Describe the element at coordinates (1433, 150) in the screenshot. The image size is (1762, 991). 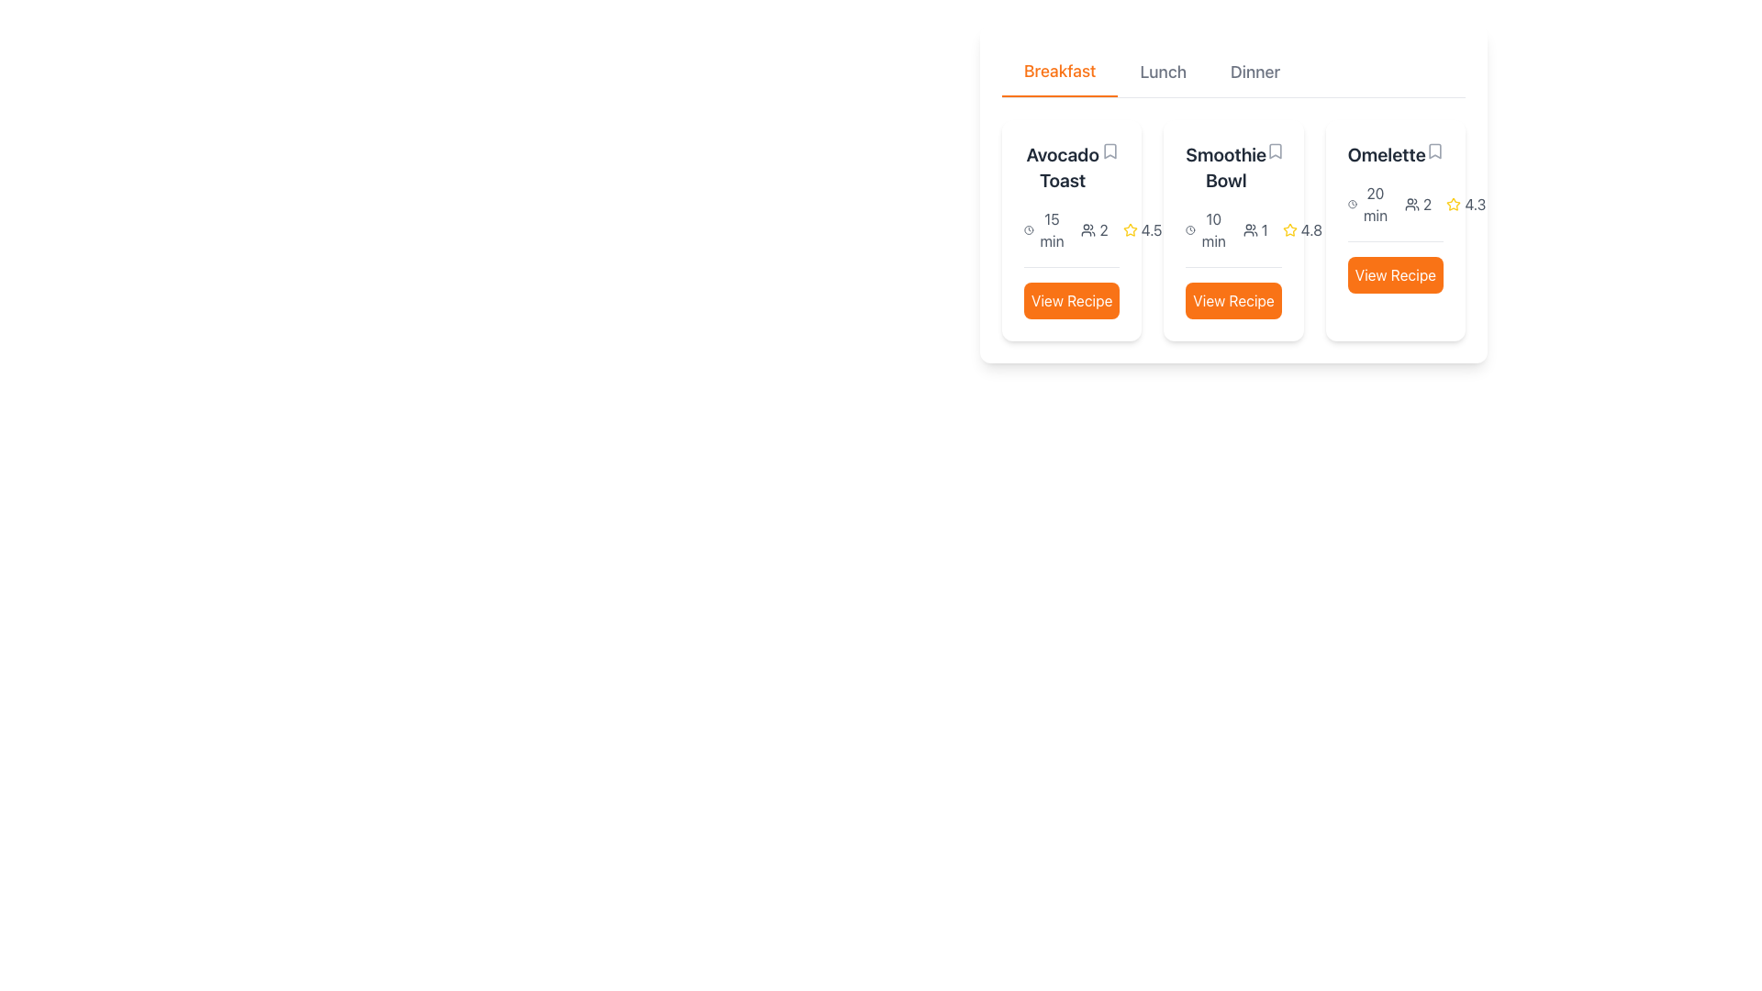
I see `the bookmark toggle Icon button located to the right of the 'Omelette' title` at that location.